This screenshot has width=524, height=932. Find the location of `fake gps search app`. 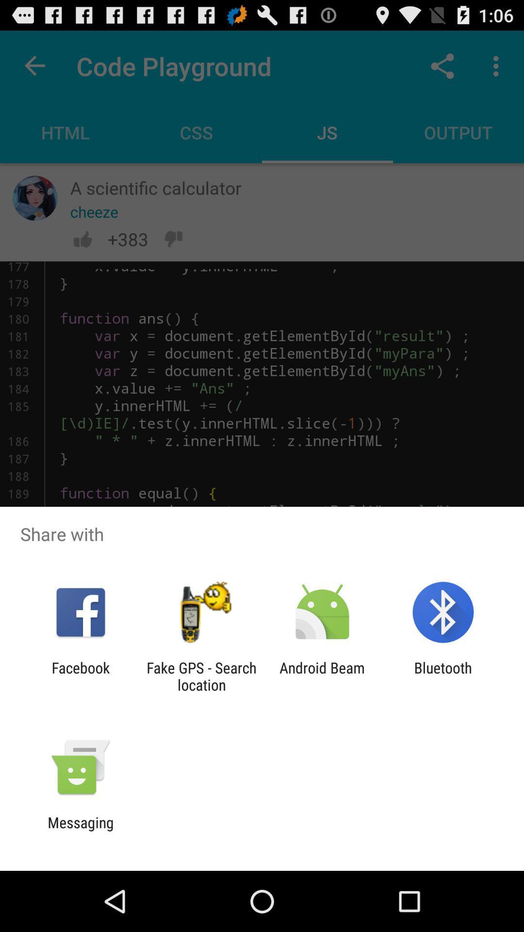

fake gps search app is located at coordinates (201, 676).